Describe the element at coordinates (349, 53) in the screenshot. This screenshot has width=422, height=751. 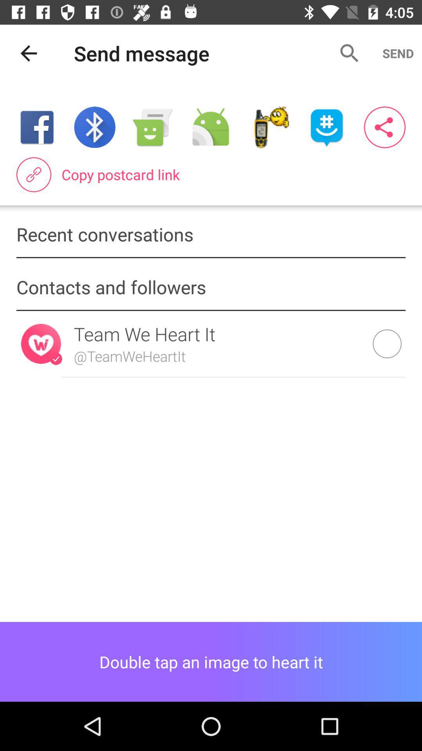
I see `icon next to send icon` at that location.